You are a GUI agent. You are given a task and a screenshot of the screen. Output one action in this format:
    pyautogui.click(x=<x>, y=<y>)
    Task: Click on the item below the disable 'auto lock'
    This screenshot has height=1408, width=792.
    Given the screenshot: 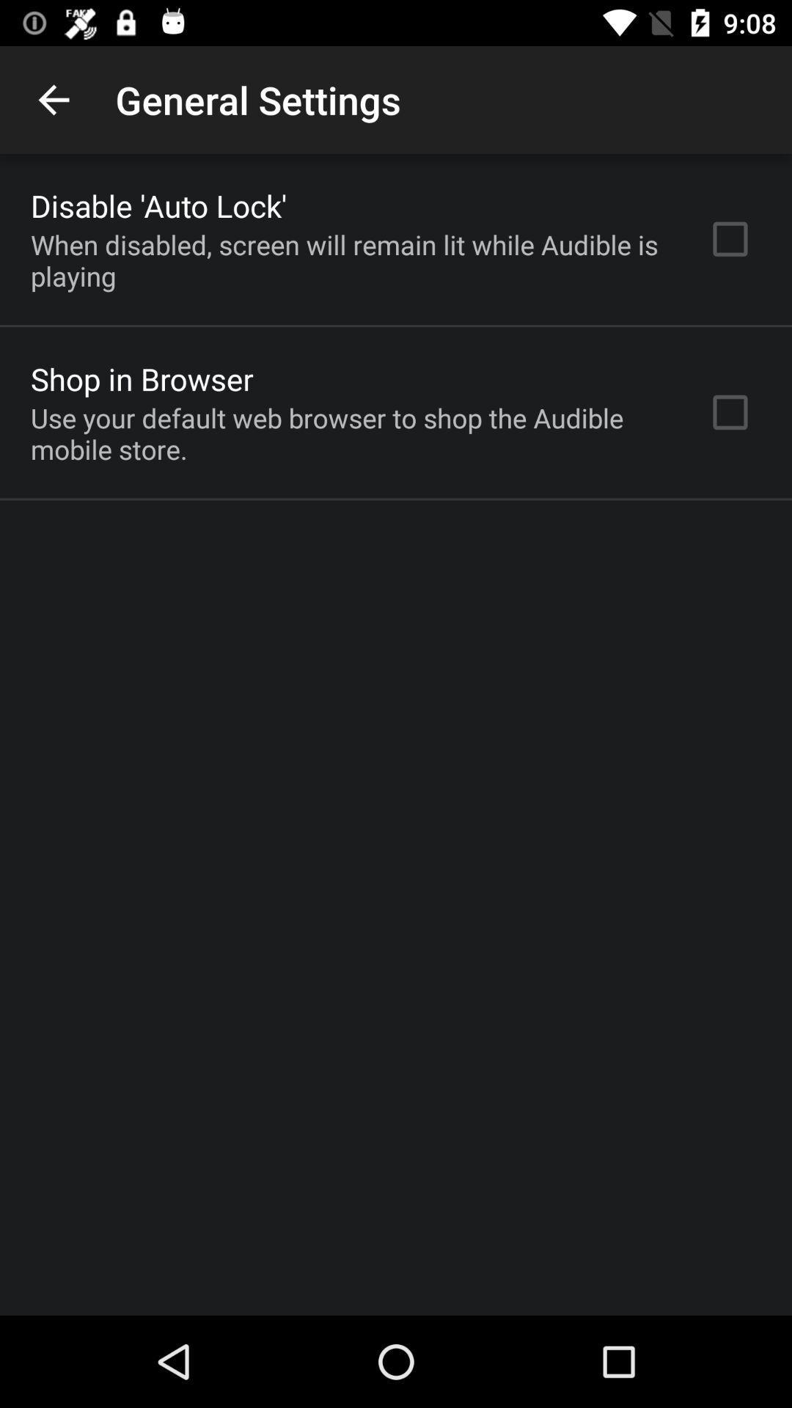 What is the action you would take?
    pyautogui.click(x=350, y=260)
    